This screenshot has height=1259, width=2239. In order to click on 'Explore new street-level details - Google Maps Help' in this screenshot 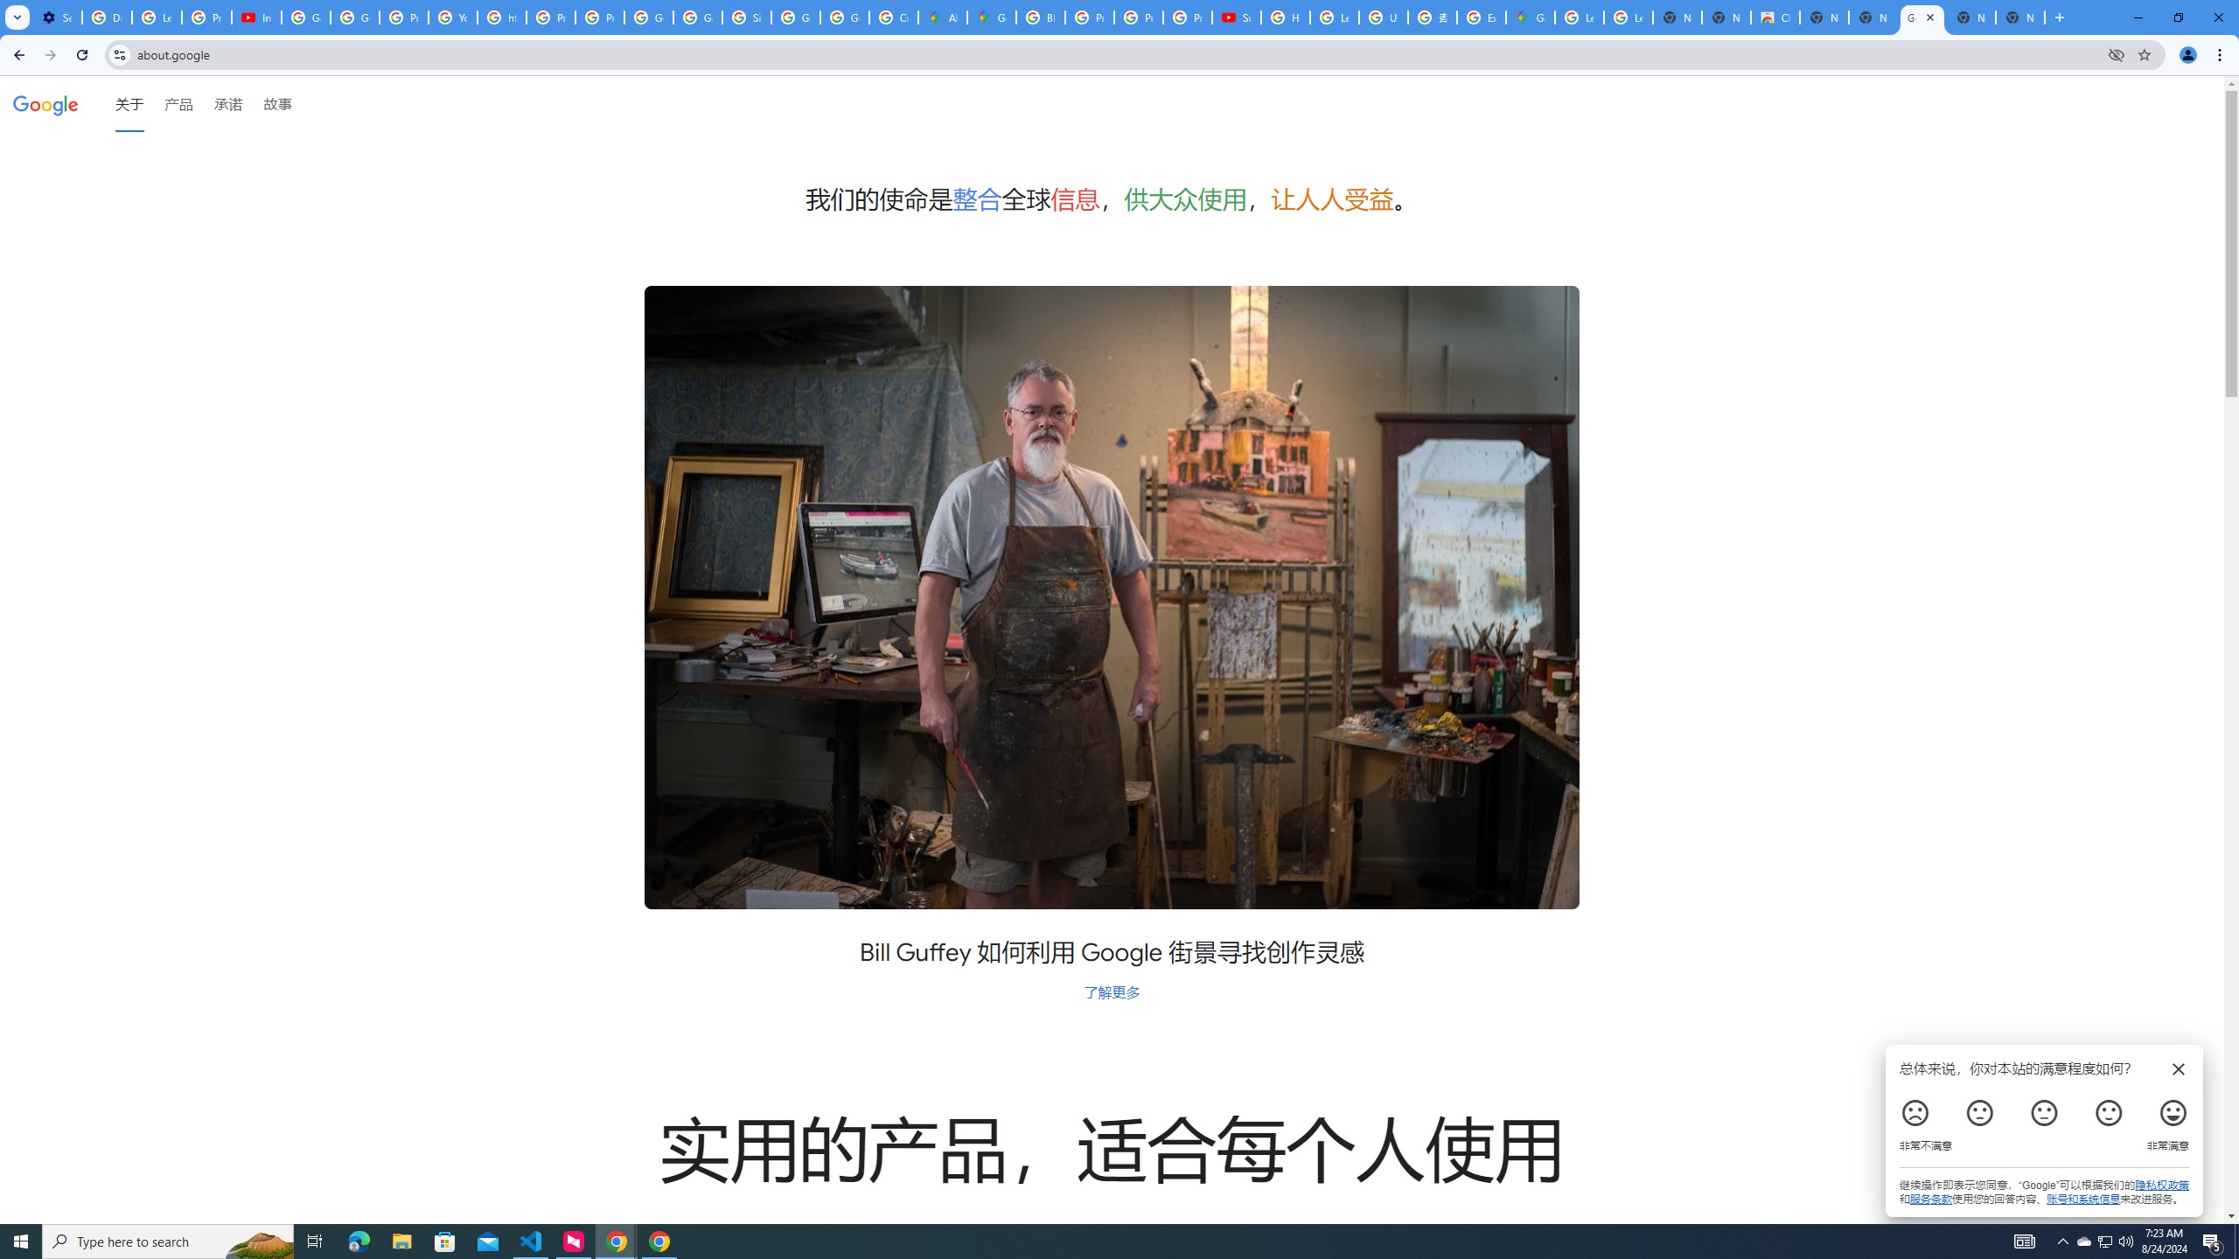, I will do `click(1480, 17)`.